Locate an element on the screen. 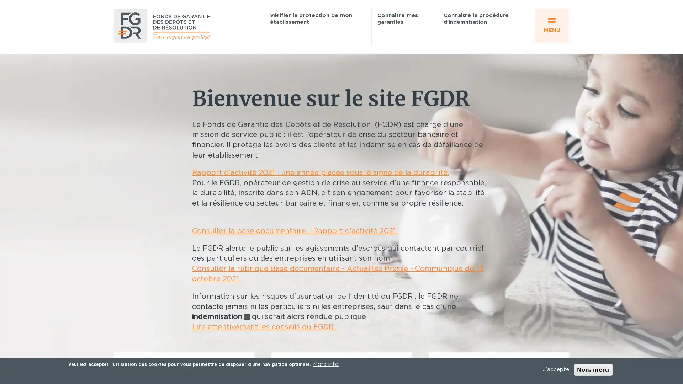  More info is located at coordinates (325, 364).